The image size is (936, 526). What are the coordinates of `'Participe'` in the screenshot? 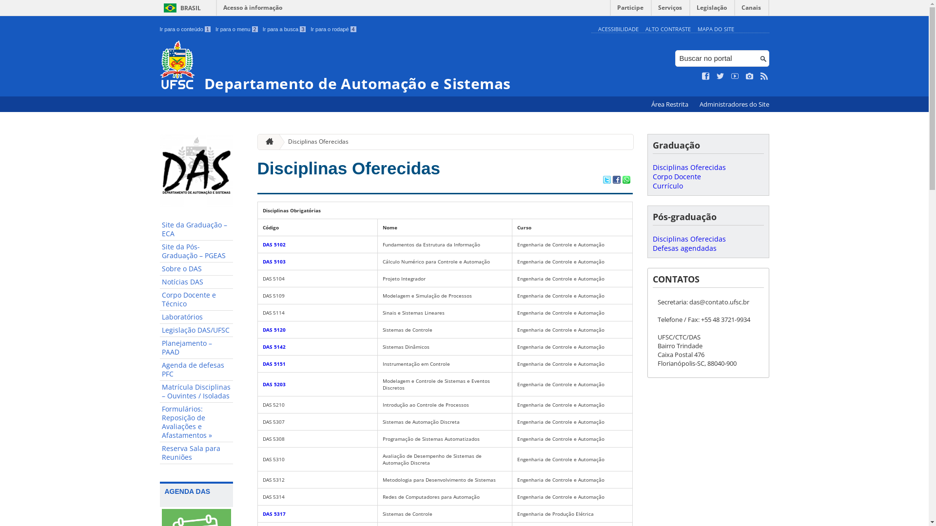 It's located at (630, 10).